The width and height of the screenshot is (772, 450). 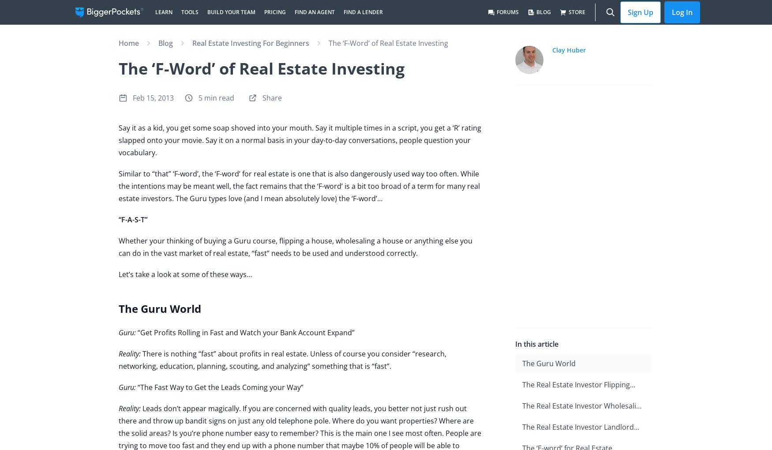 I want to click on 'Clay Huber', so click(x=568, y=49).